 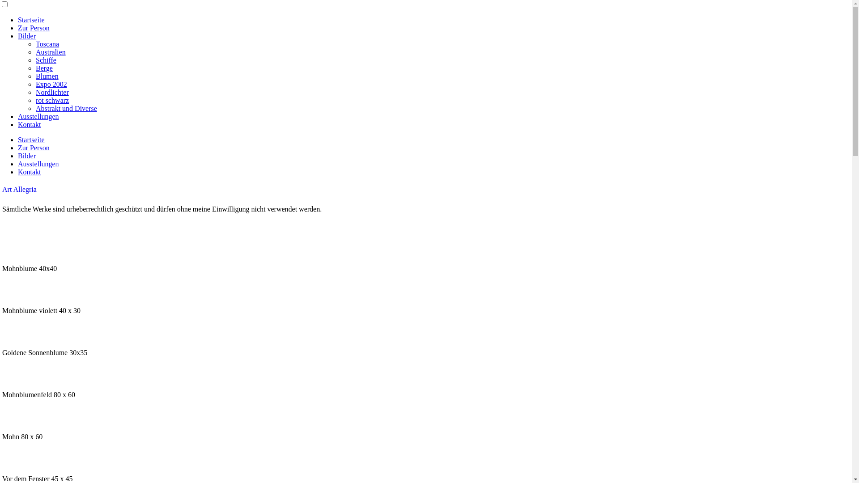 What do you see at coordinates (30, 172) in the screenshot?
I see `'Kontakt'` at bounding box center [30, 172].